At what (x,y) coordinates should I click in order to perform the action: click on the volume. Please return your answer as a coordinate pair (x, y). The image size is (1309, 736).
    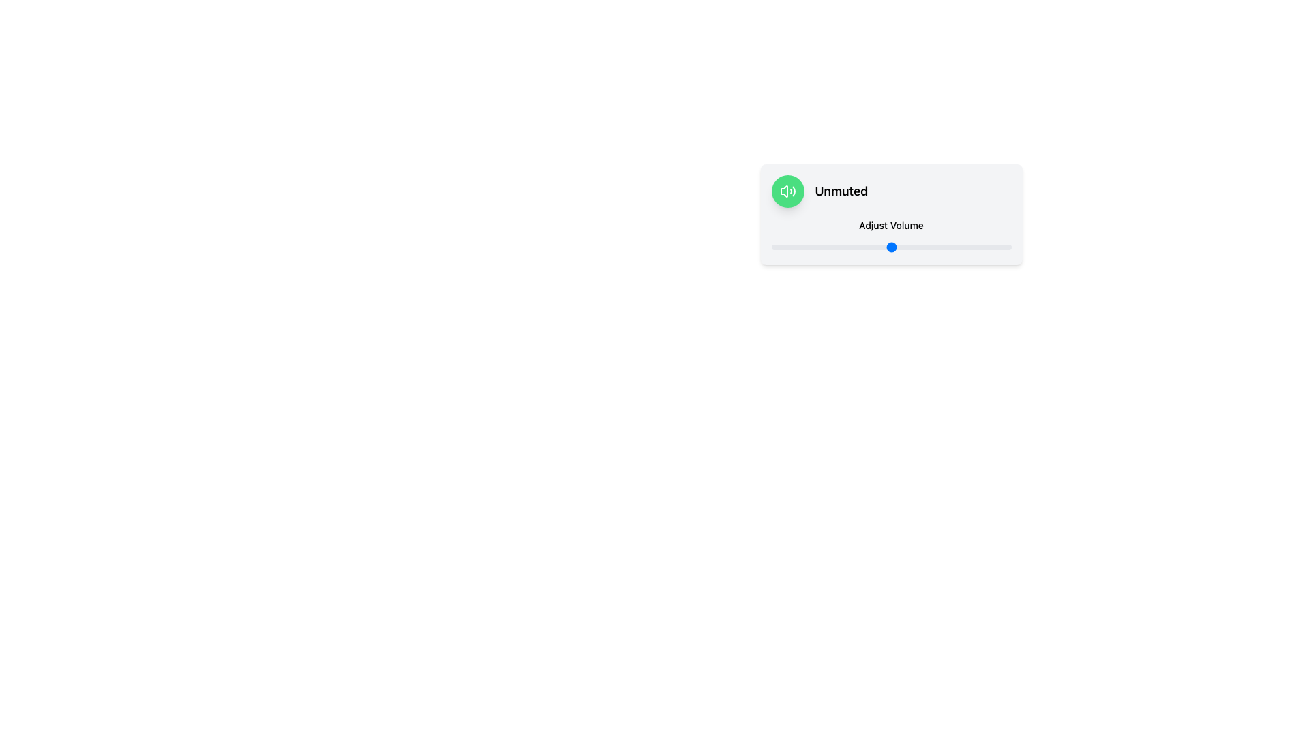
    Looking at the image, I should click on (814, 247).